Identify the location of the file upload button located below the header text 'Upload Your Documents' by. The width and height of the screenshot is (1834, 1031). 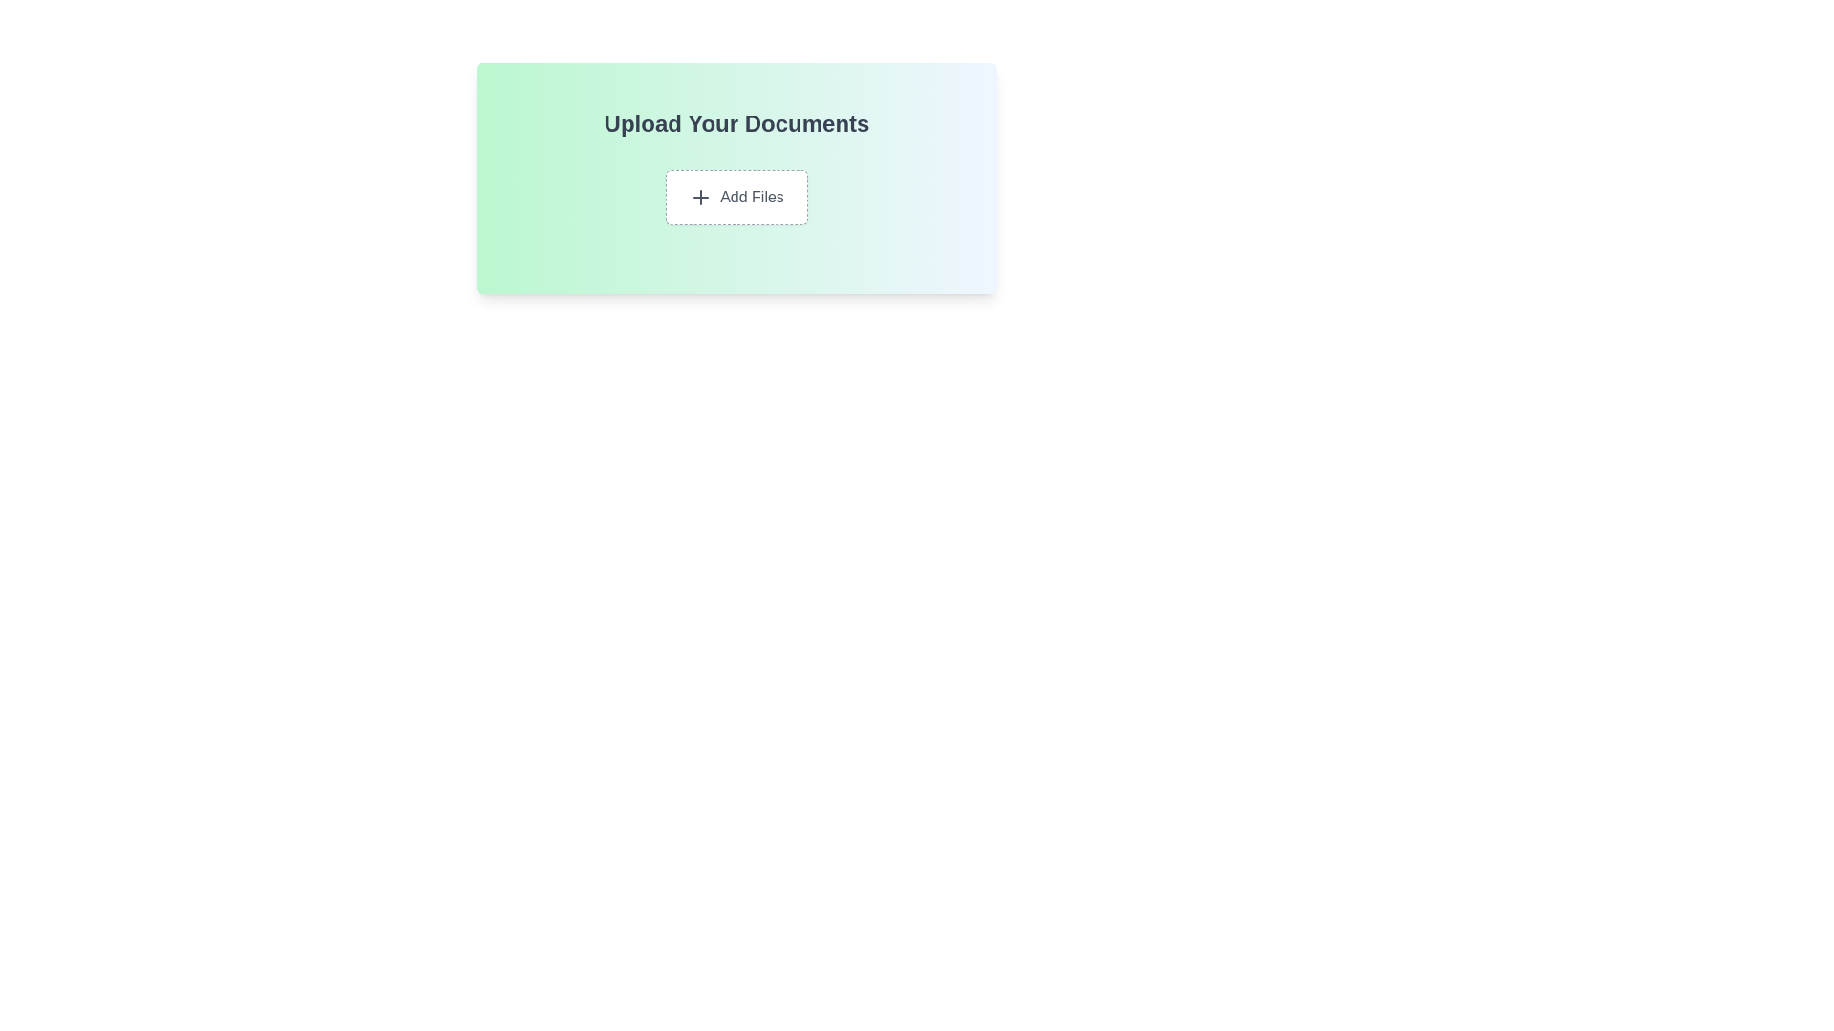
(736, 198).